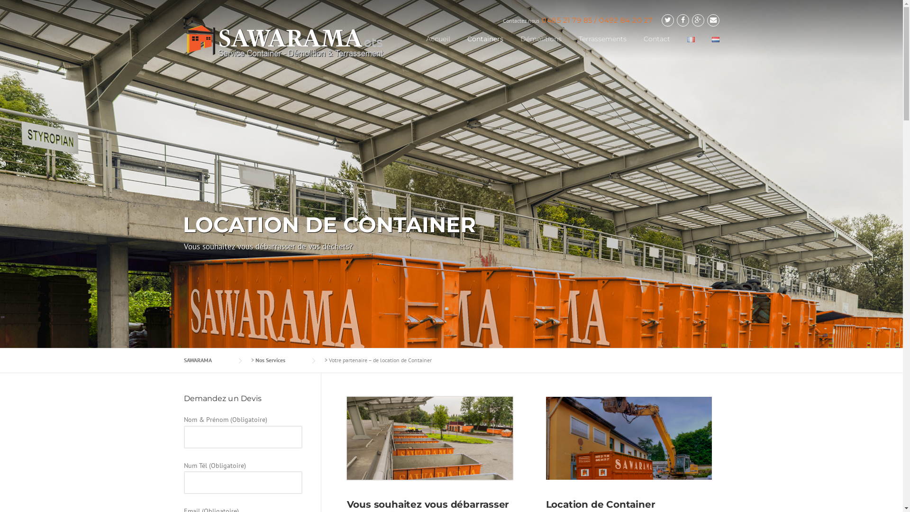 The image size is (910, 512). What do you see at coordinates (601, 46) in the screenshot?
I see `'Terrassements'` at bounding box center [601, 46].